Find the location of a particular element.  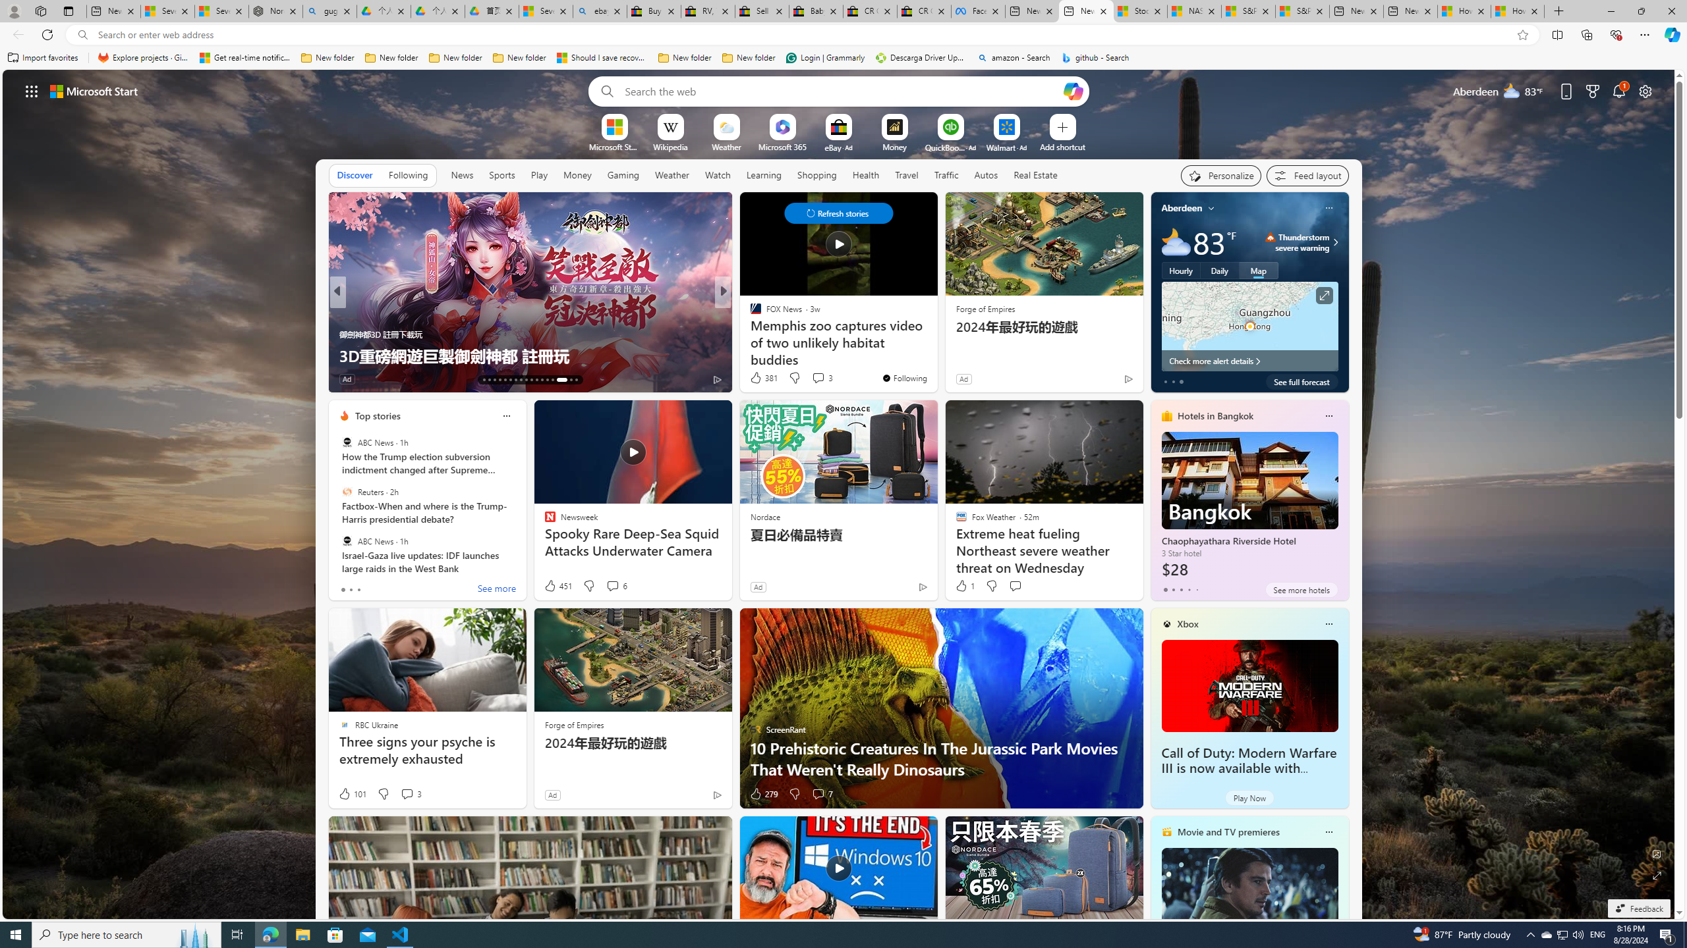

'My location' is located at coordinates (1211, 207).